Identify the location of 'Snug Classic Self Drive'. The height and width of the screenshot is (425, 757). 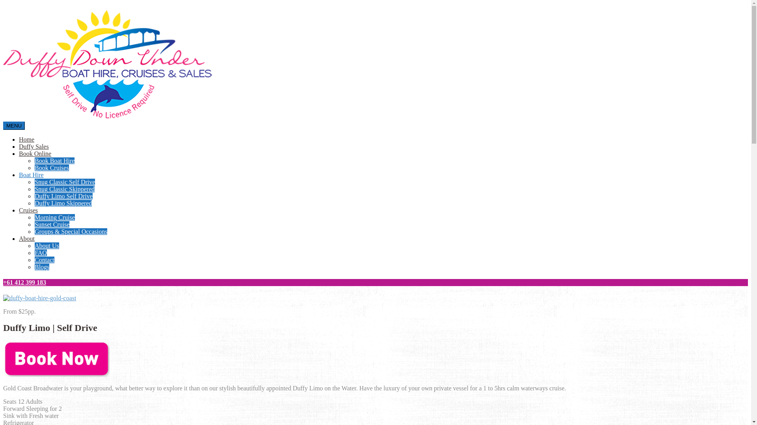
(65, 182).